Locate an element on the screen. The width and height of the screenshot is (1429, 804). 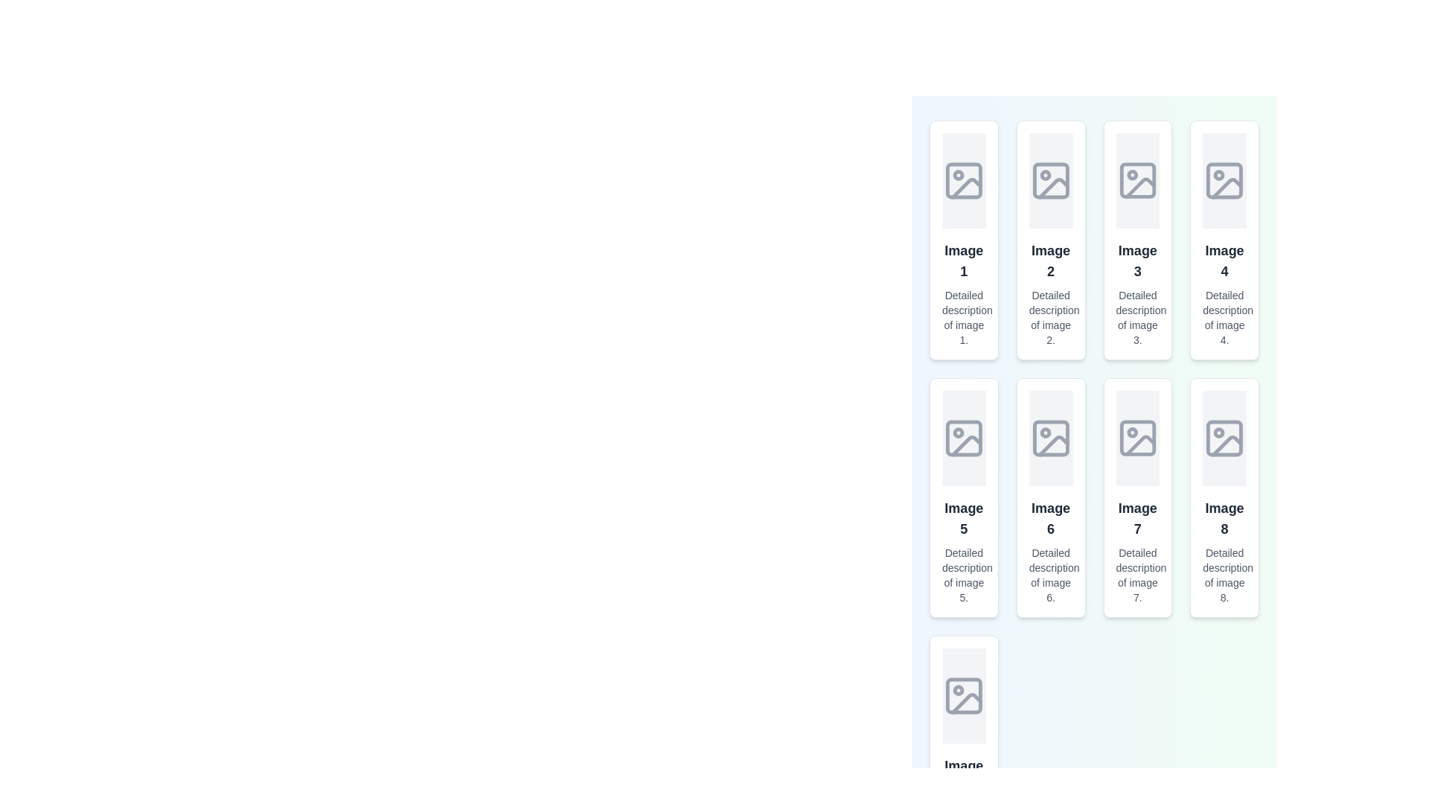
to interact with the Image preview card located in the third row and third column of the grid layout is located at coordinates (1137, 497).